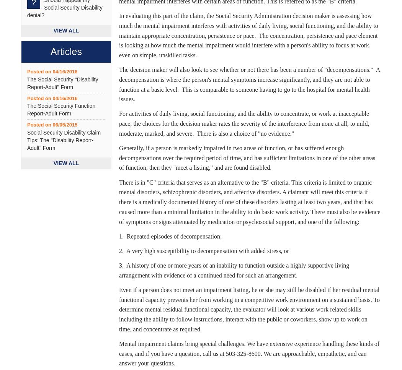  Describe the element at coordinates (119, 201) in the screenshot. I see `'There is in "C" criteria that serves as an alternative to the "B" criteria. This criteria is limited to organic mental disorders, schizophrenic disorders, and affective disorders. A claimant will meet this criteria if there is a medically documented history of one of these disorders lasting at least two years, and that has caused more than a minimal limitation in the ability to do basic work activity. There must also be evidence of symptoms or signs attenuated by medication or psychosocial support, and one of the following:'` at that location.